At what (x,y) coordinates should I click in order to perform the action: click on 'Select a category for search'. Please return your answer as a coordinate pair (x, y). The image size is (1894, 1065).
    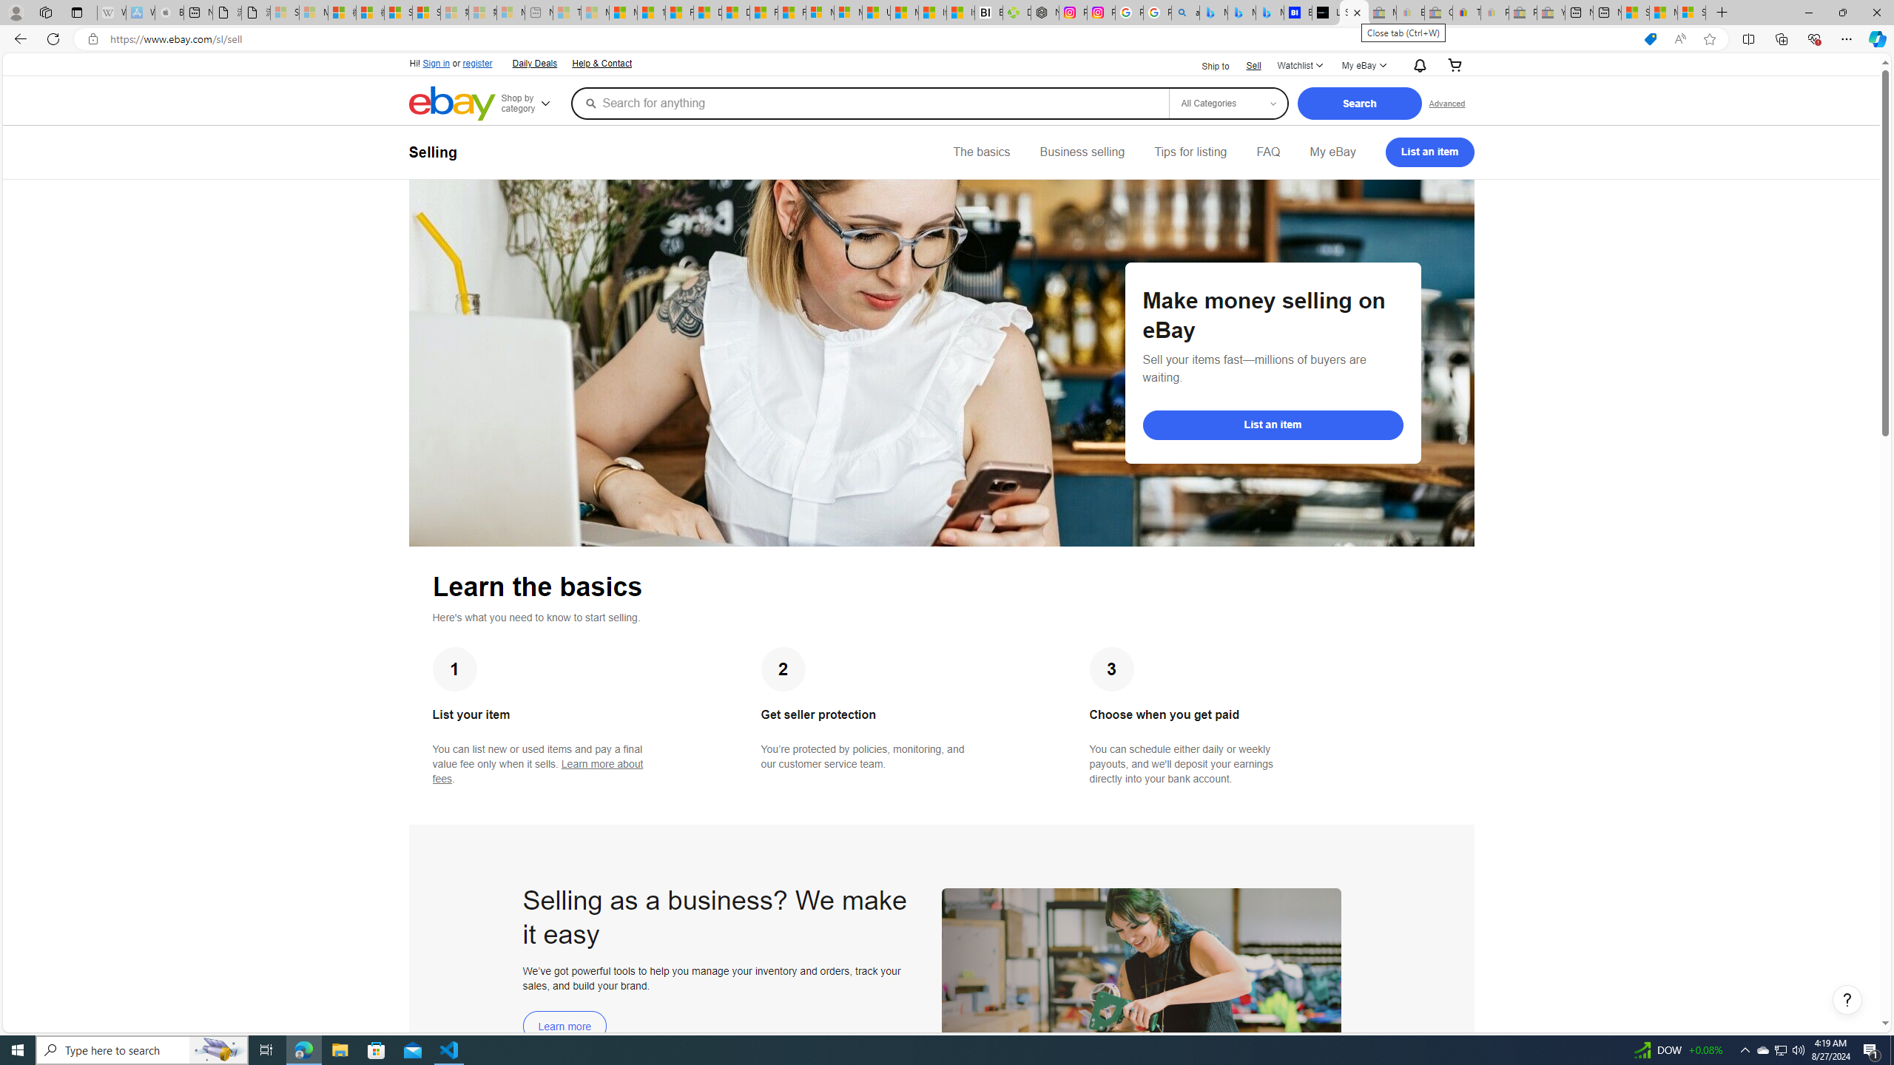
    Looking at the image, I should click on (1227, 102).